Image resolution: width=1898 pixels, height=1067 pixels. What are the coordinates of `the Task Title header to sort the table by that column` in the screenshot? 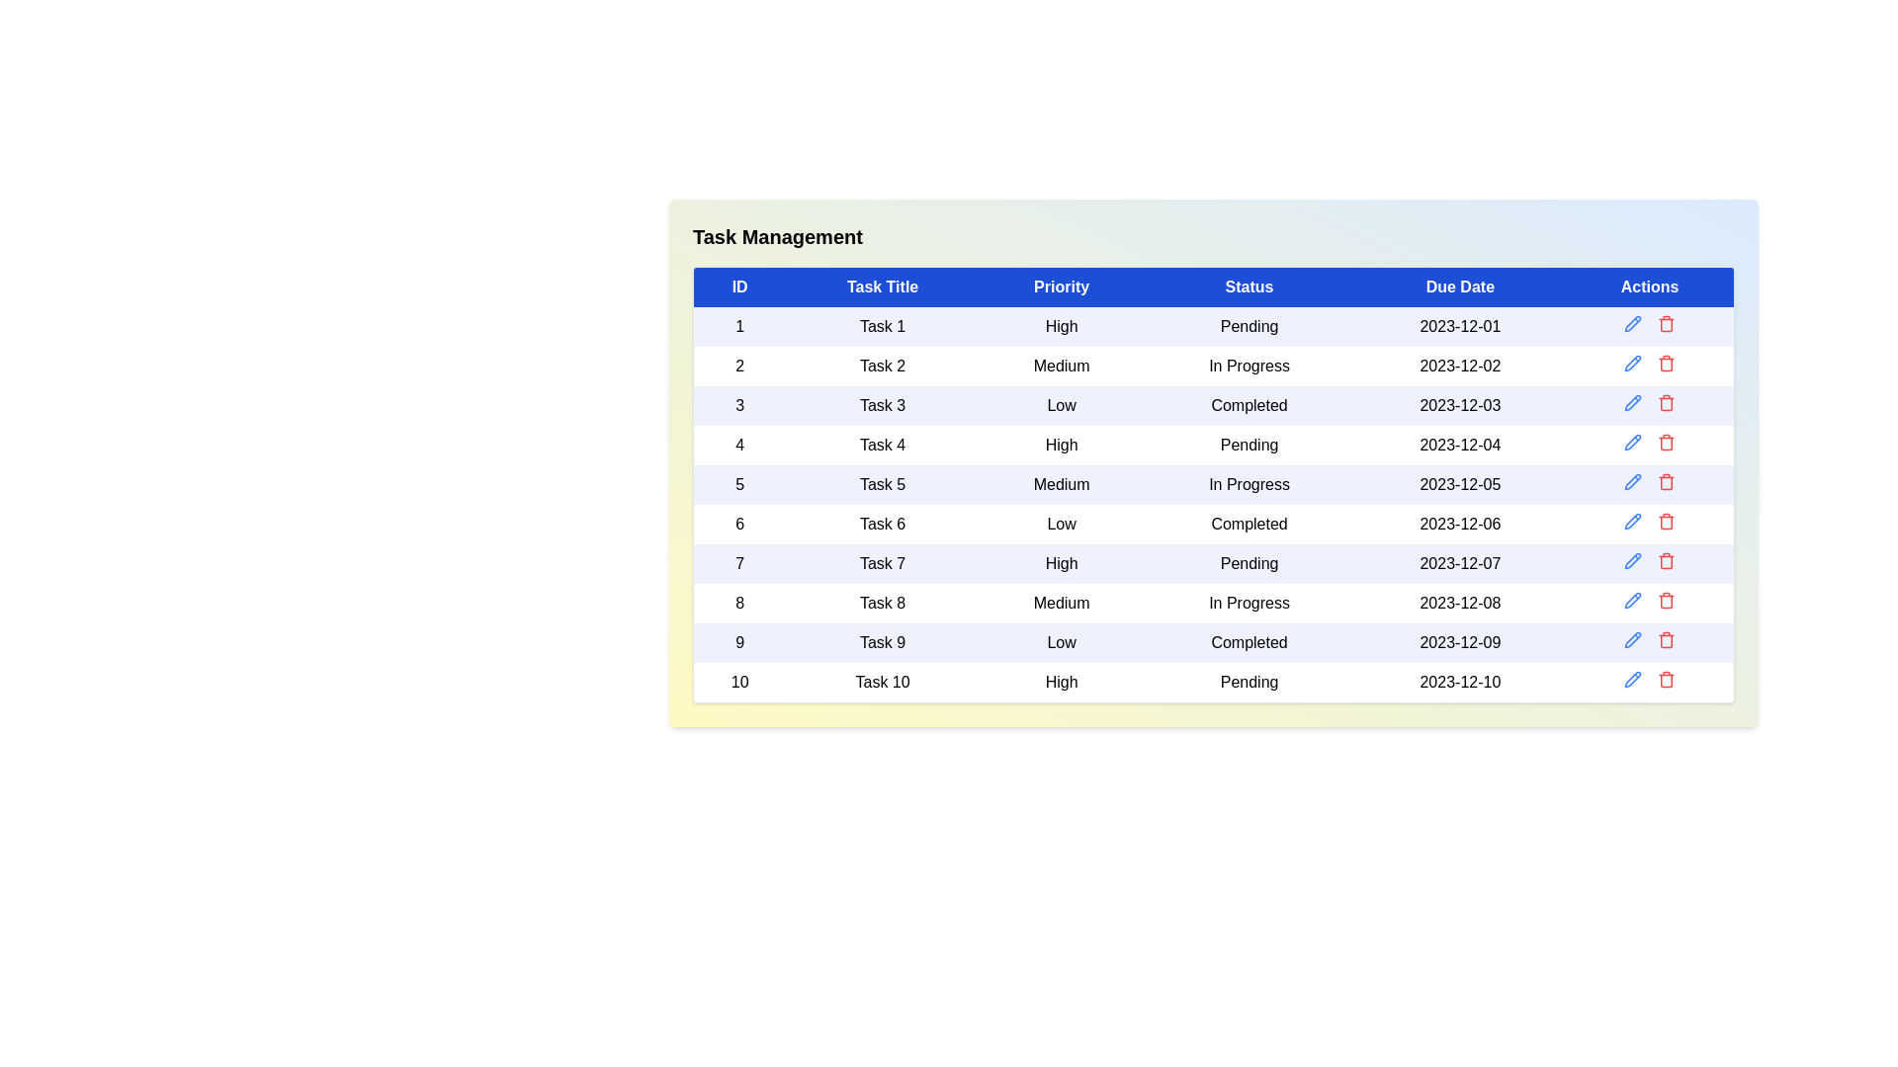 It's located at (881, 287).